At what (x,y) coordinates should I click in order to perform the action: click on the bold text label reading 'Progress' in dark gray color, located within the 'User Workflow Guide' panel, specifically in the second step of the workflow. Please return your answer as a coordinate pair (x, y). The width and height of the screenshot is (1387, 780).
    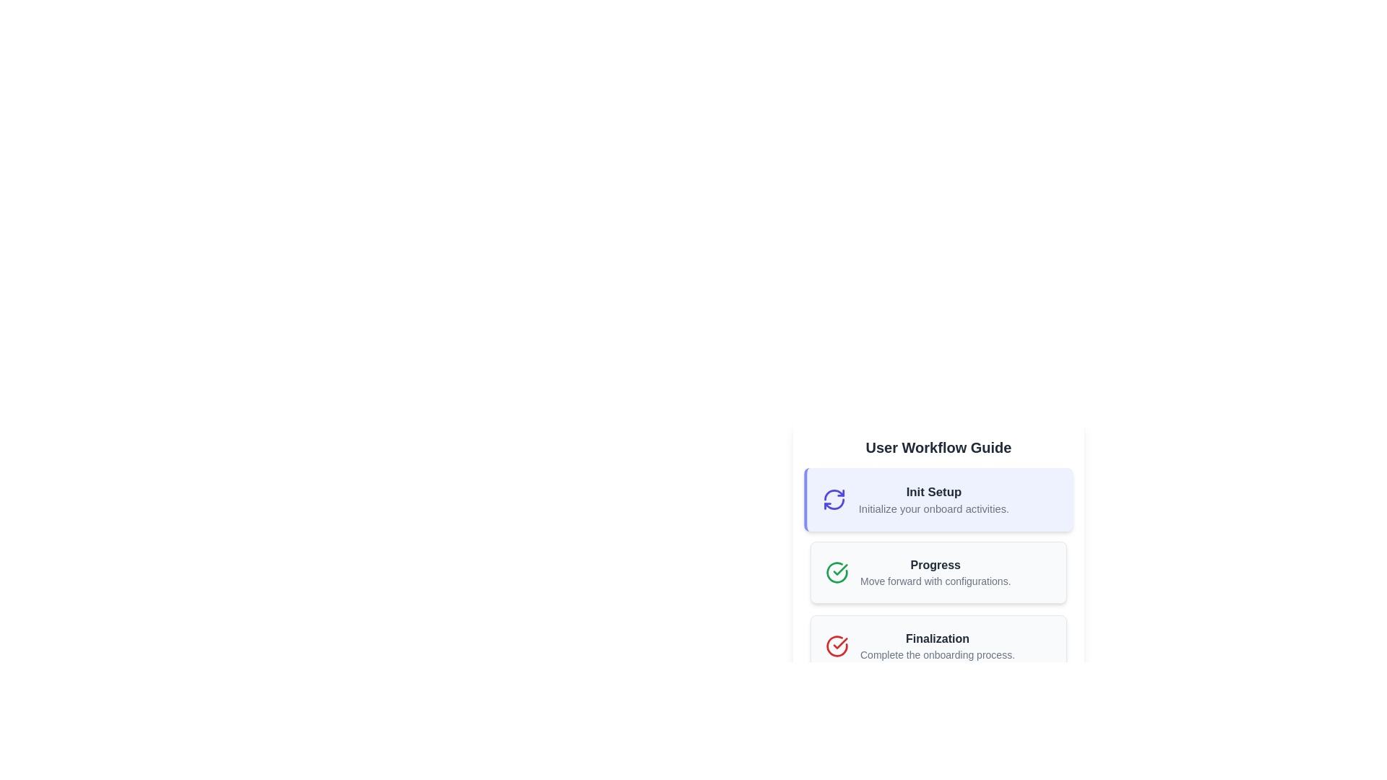
    Looking at the image, I should click on (936, 565).